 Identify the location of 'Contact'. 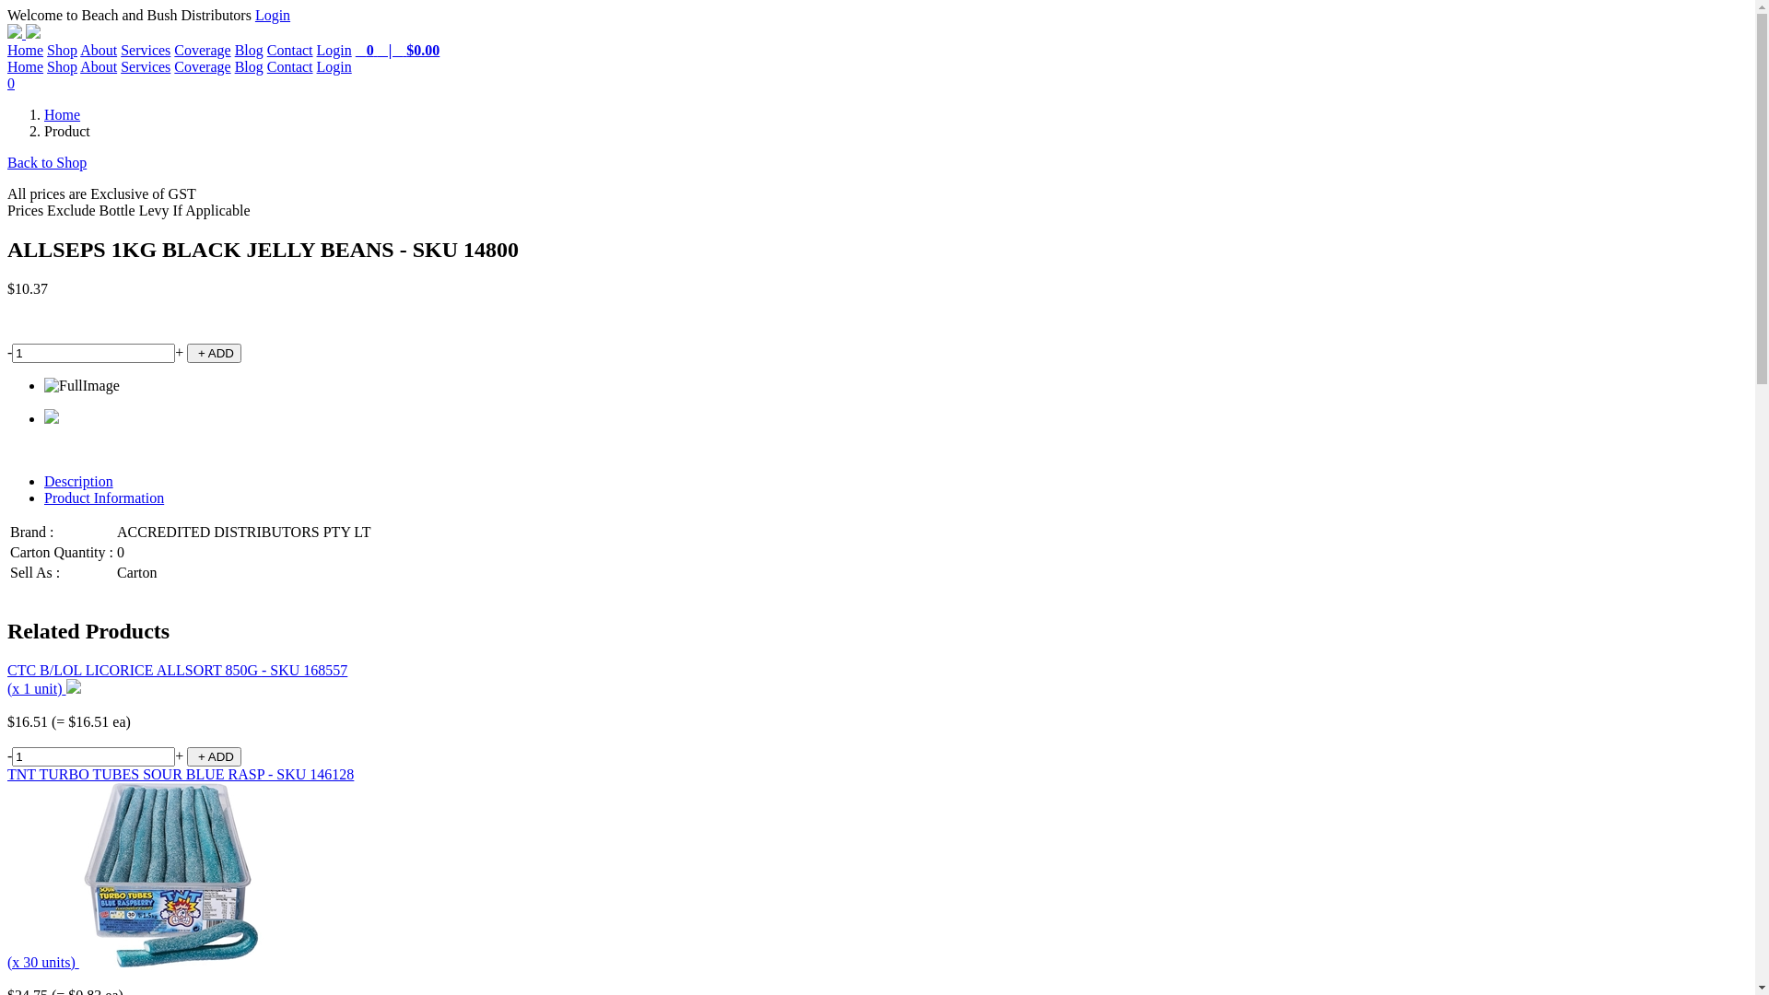
(289, 49).